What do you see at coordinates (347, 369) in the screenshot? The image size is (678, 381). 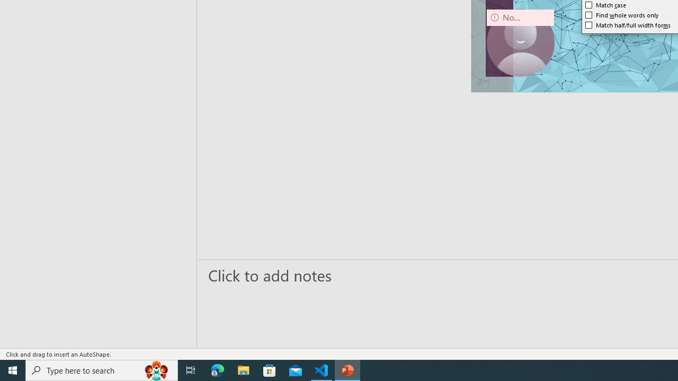 I see `'PowerPoint - 1 running window'` at bounding box center [347, 369].